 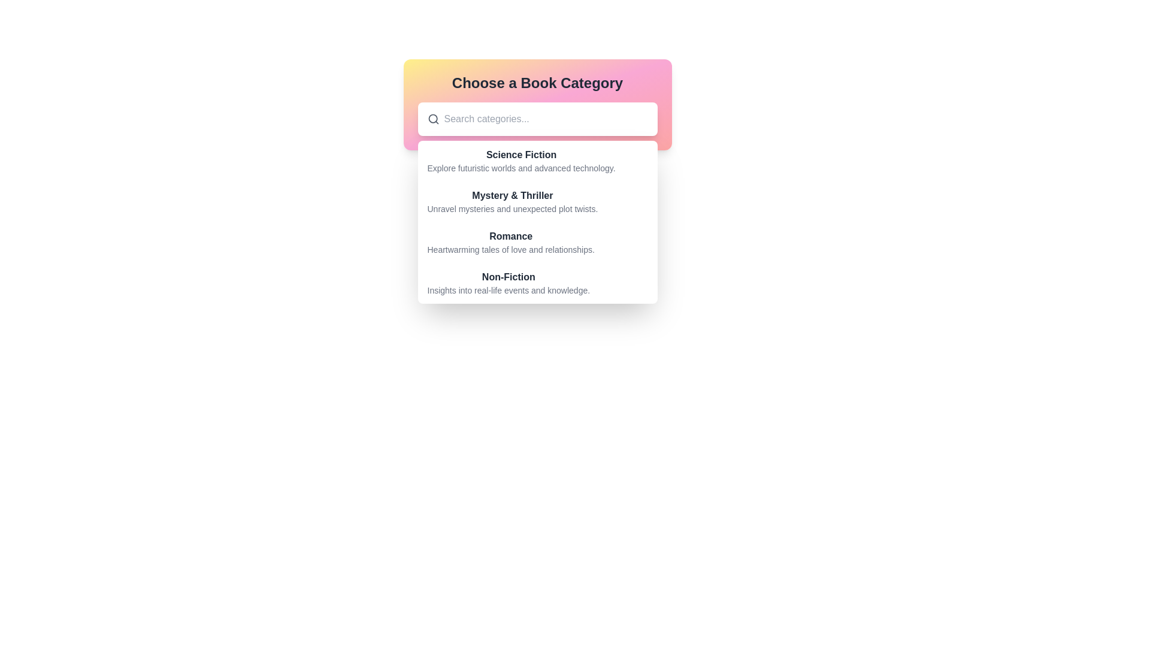 I want to click on the search magnifying glass icon, which represents the lens of a magnifying glass, located inside the search field under the headline 'Choose a Book Category', so click(x=432, y=119).